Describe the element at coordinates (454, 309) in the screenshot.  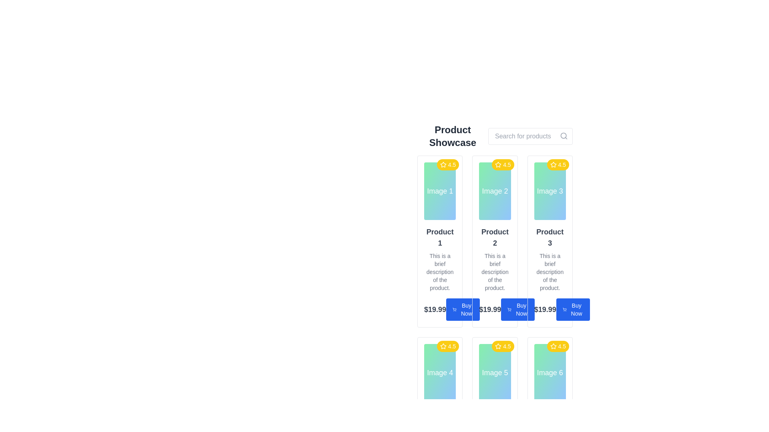
I see `the shopping cart icon located within the blue 'Buy Now' button, which is positioned below the price section of the product card` at that location.